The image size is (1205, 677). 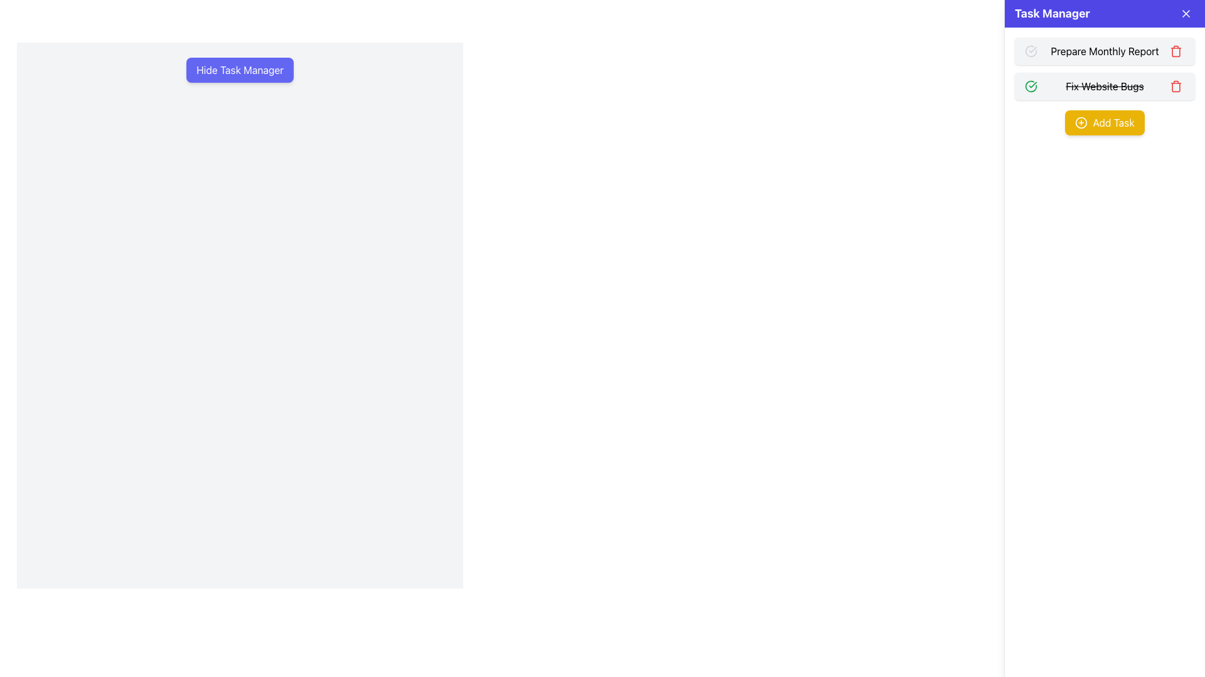 What do you see at coordinates (1031, 50) in the screenshot?
I see `the circular icon resembling a checkmark, which is part of the task manager interface next to the strikethrough text 'Fix Website Bugs', indicating a completed task` at bounding box center [1031, 50].